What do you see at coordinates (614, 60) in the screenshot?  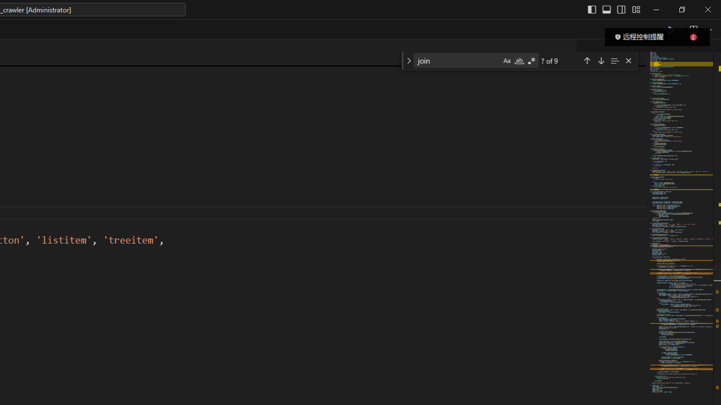 I see `'Find in Selection (Alt+L)'` at bounding box center [614, 60].